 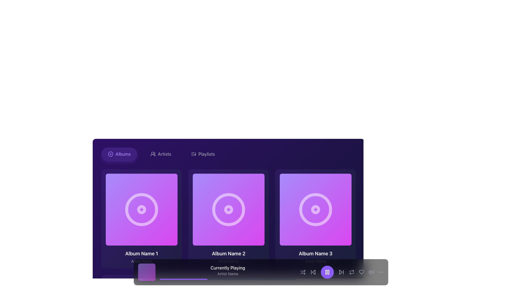 I want to click on the pause button located in the middle of the bottom control bar to change its color, so click(x=327, y=272).